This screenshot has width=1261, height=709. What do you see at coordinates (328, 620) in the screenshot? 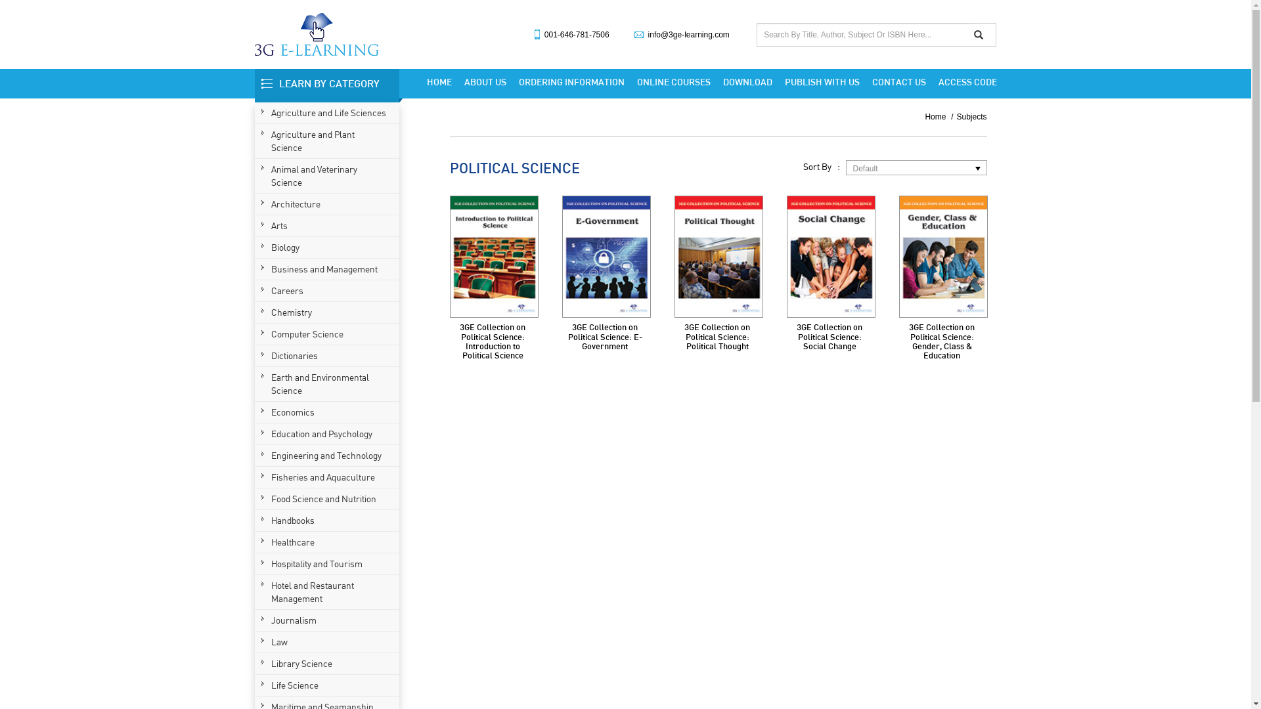
I see `'Journalism'` at bounding box center [328, 620].